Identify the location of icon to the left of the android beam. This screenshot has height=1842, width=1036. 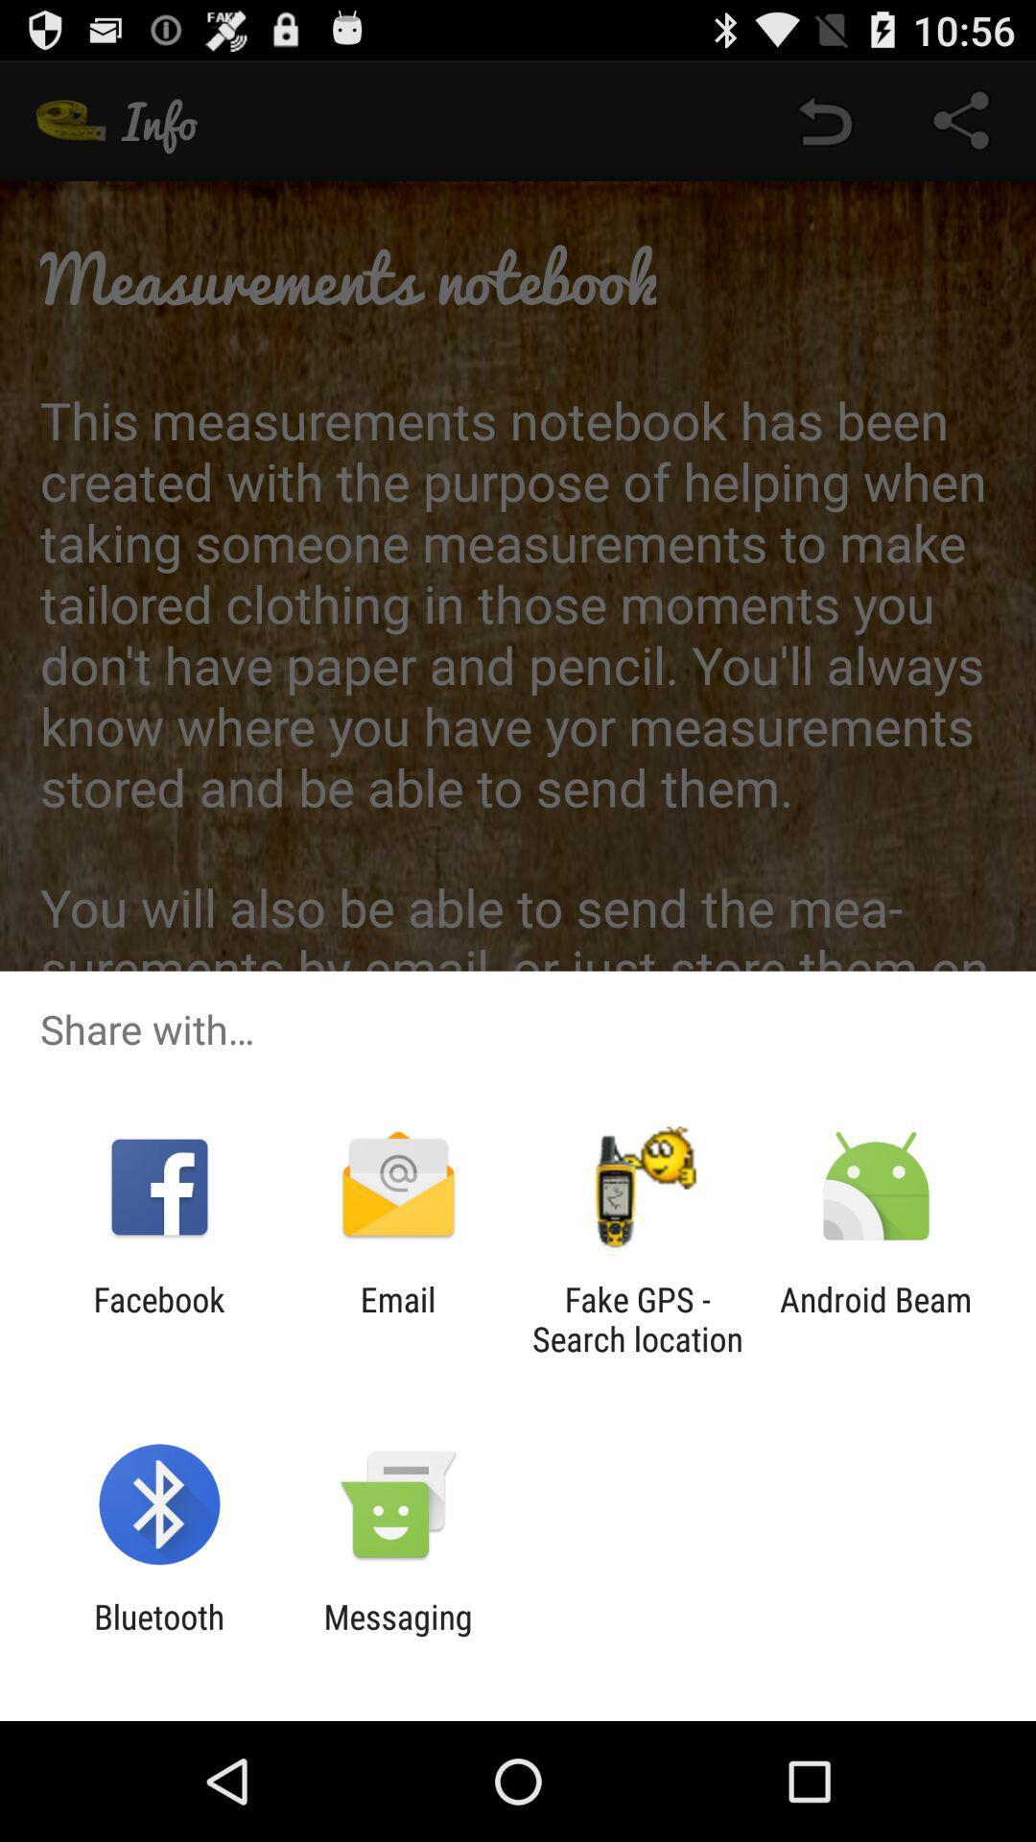
(637, 1318).